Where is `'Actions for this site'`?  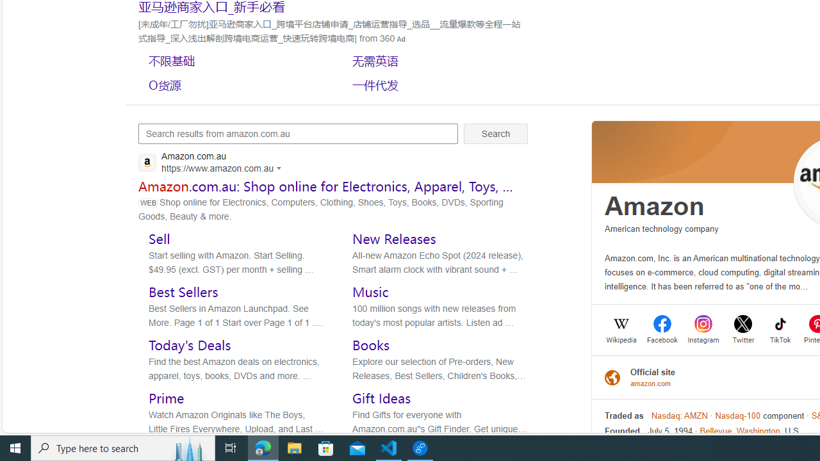
'Actions for this site' is located at coordinates (281, 167).